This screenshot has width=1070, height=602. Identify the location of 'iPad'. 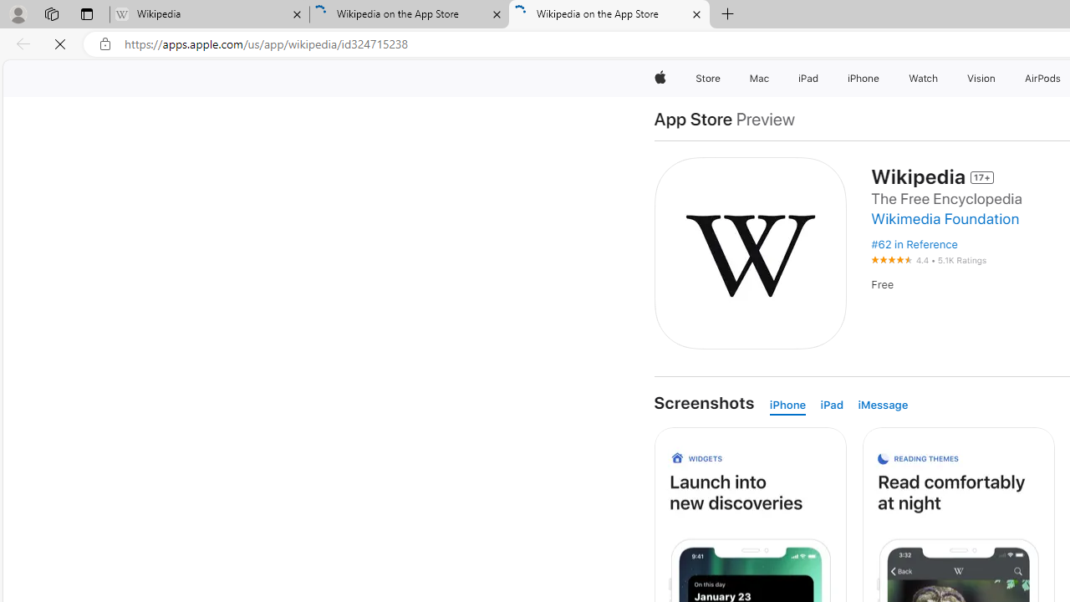
(835, 406).